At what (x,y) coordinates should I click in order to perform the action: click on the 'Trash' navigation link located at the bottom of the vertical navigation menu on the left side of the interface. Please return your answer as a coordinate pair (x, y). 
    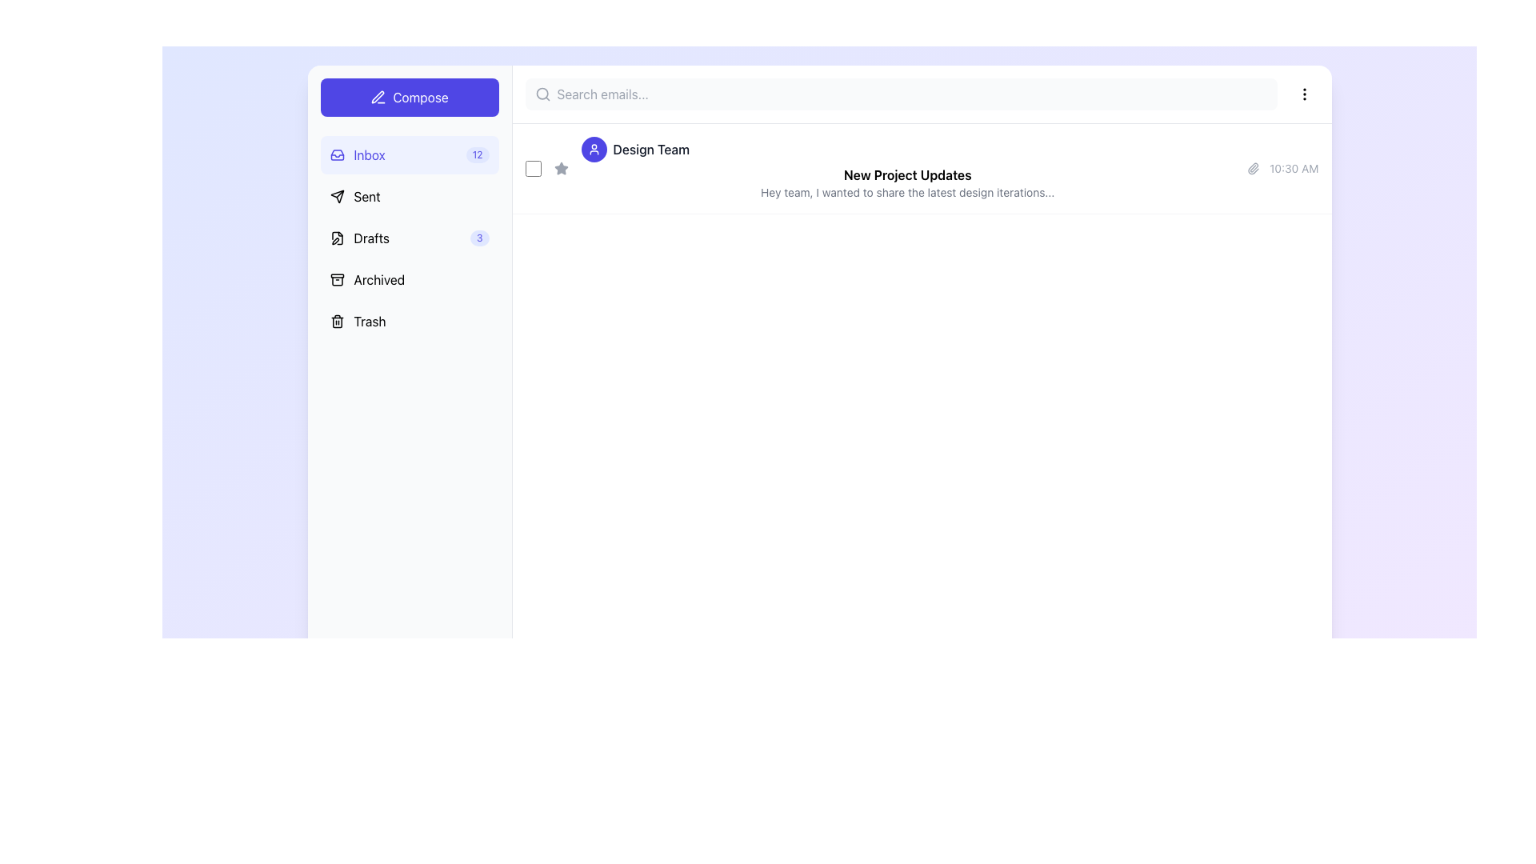
    Looking at the image, I should click on (357, 321).